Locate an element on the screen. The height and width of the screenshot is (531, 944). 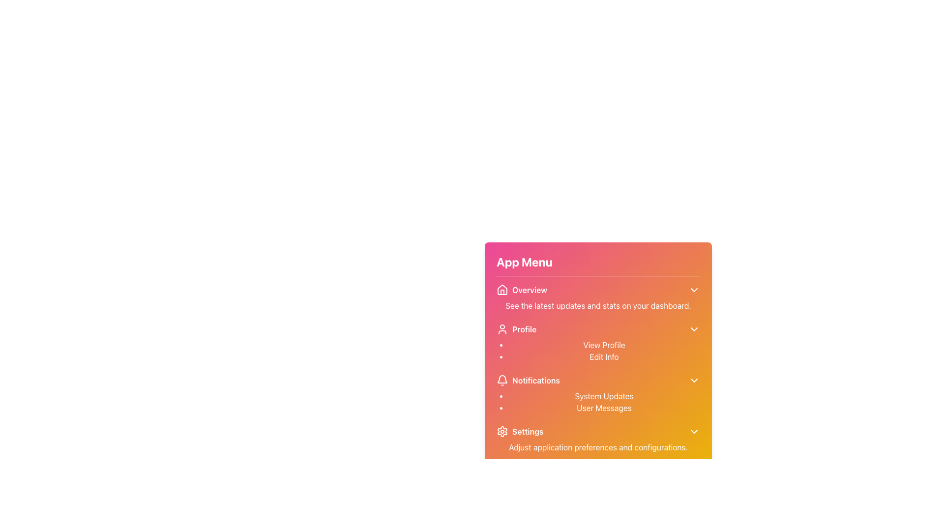
the 'Profile' text label which is bold and part of the 'App Menu' section, located in the second grouping below 'Overview' is located at coordinates (524, 329).